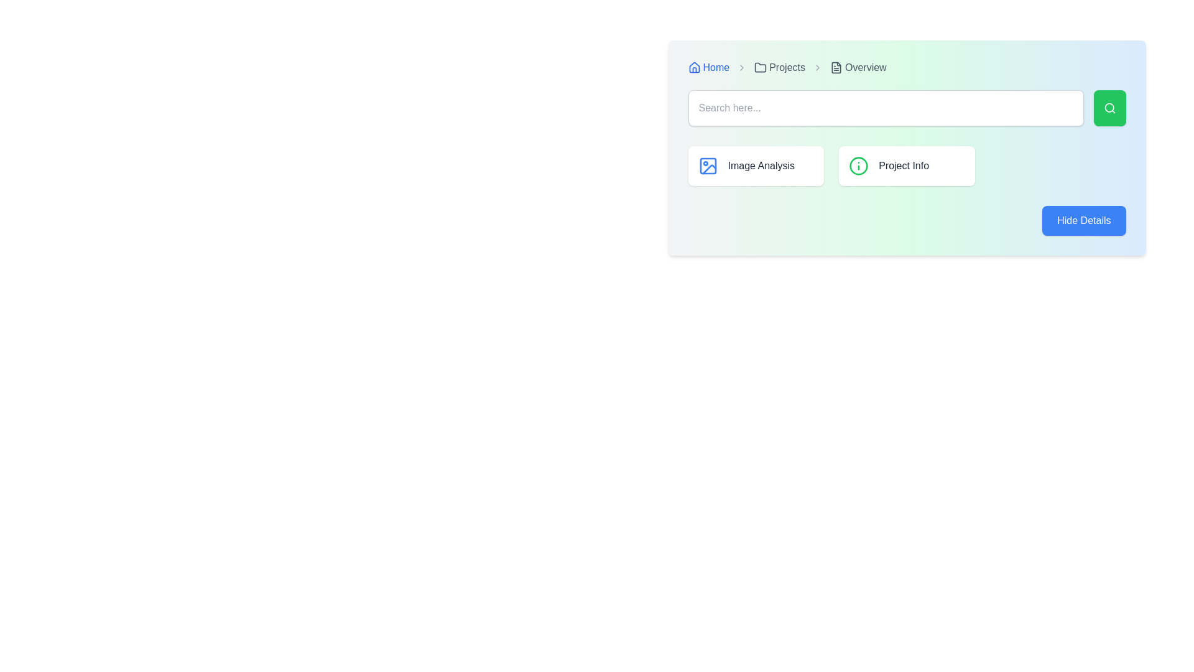 The image size is (1194, 672). I want to click on the roof section of the house icon in the breadcrumb navigation located at the top-left corner of the interface, so click(693, 67).